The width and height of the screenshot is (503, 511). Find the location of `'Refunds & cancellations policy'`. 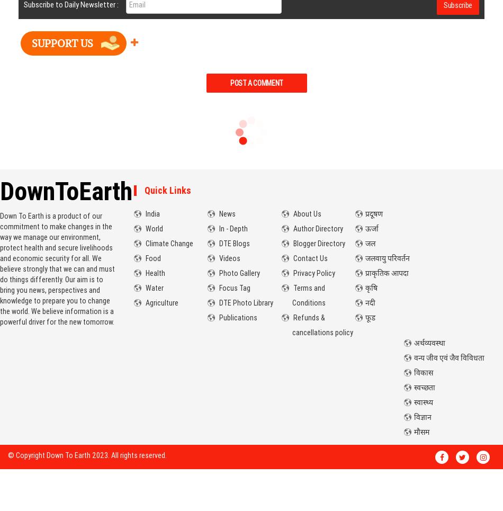

'Refunds & cancellations policy' is located at coordinates (322, 325).